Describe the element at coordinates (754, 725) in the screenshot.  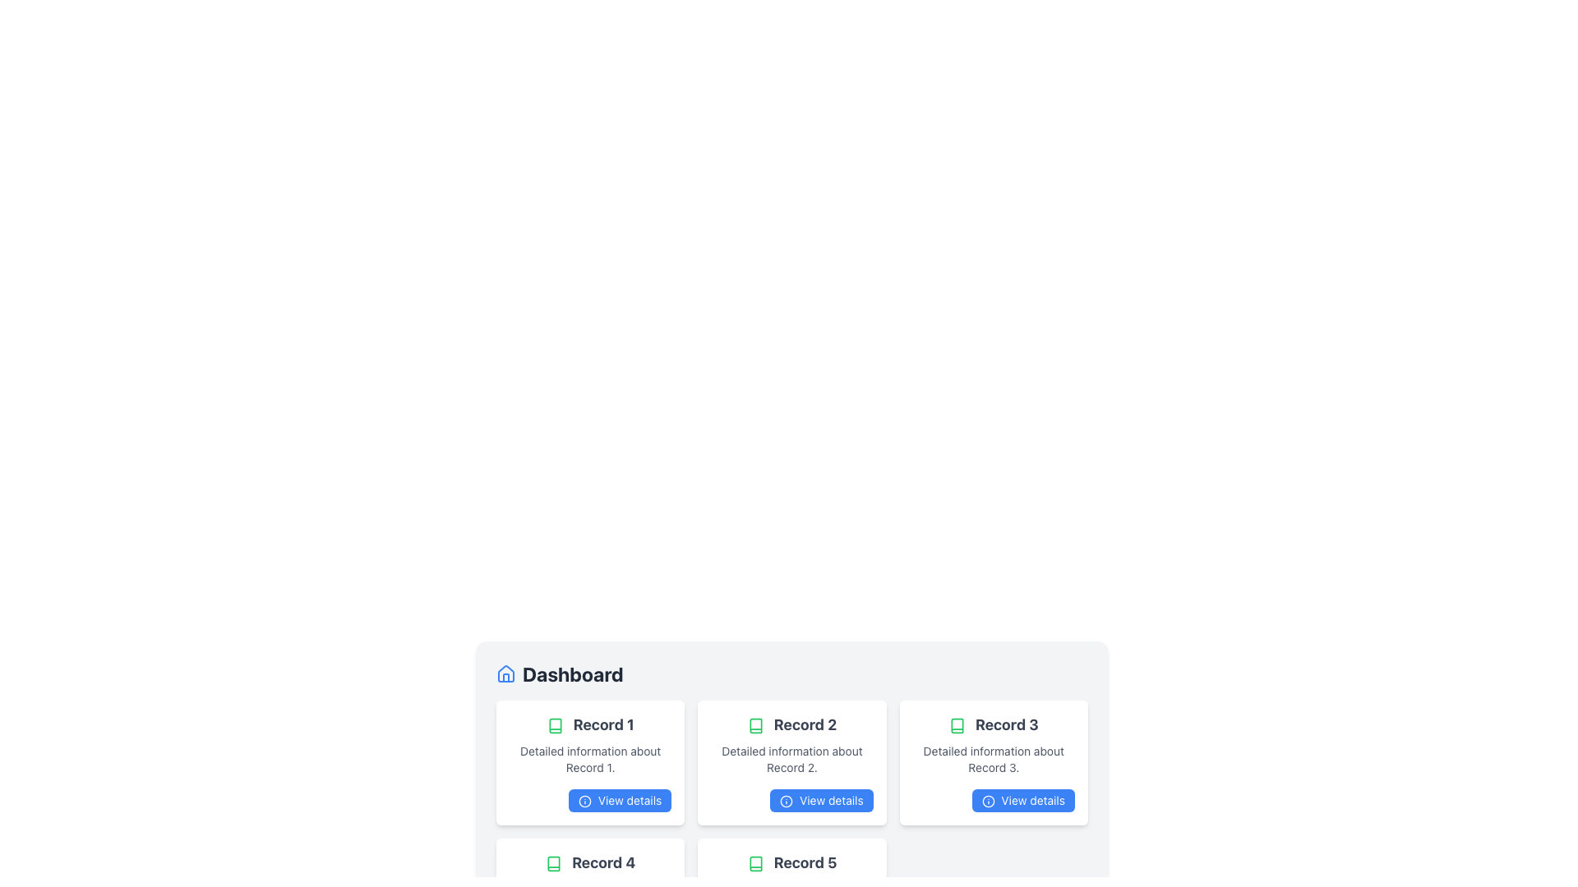
I see `the green book icon located to the left of the text 'Record 2' in the second column of a 3-column layout` at that location.